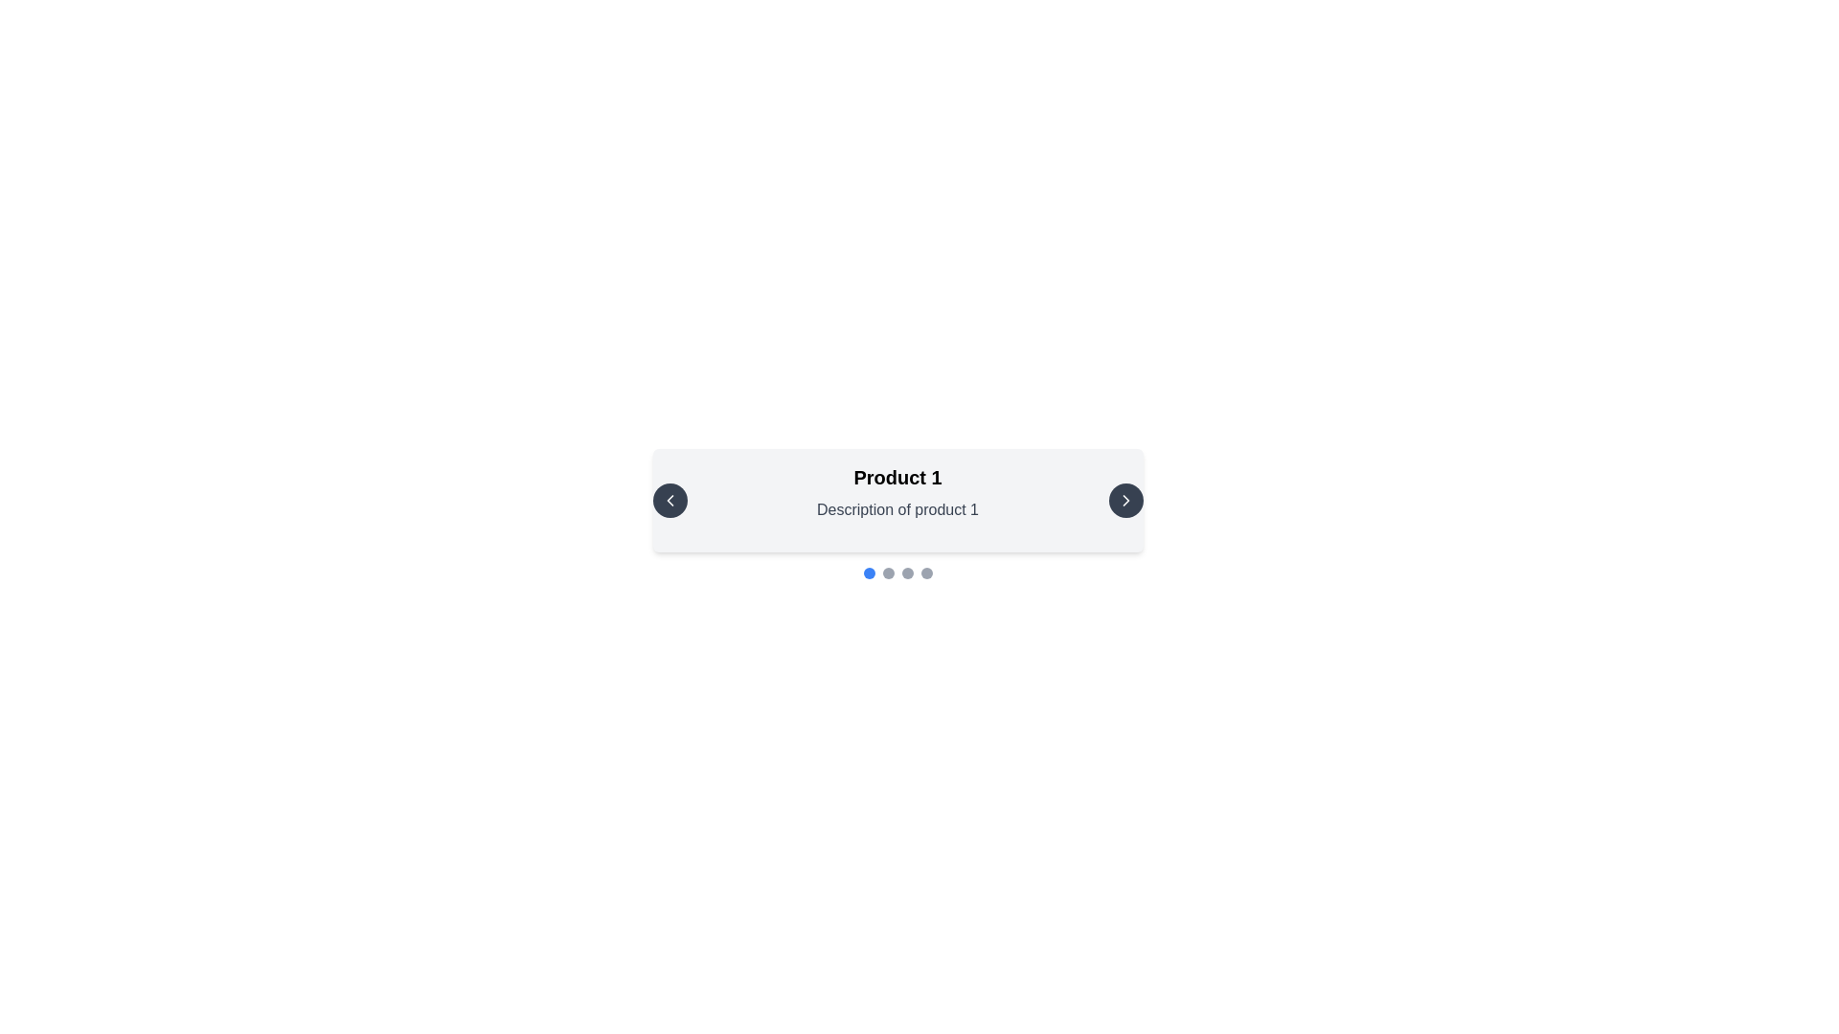 The image size is (1839, 1034). I want to click on the first interactive blue indicator in the carousel, so click(868, 572).